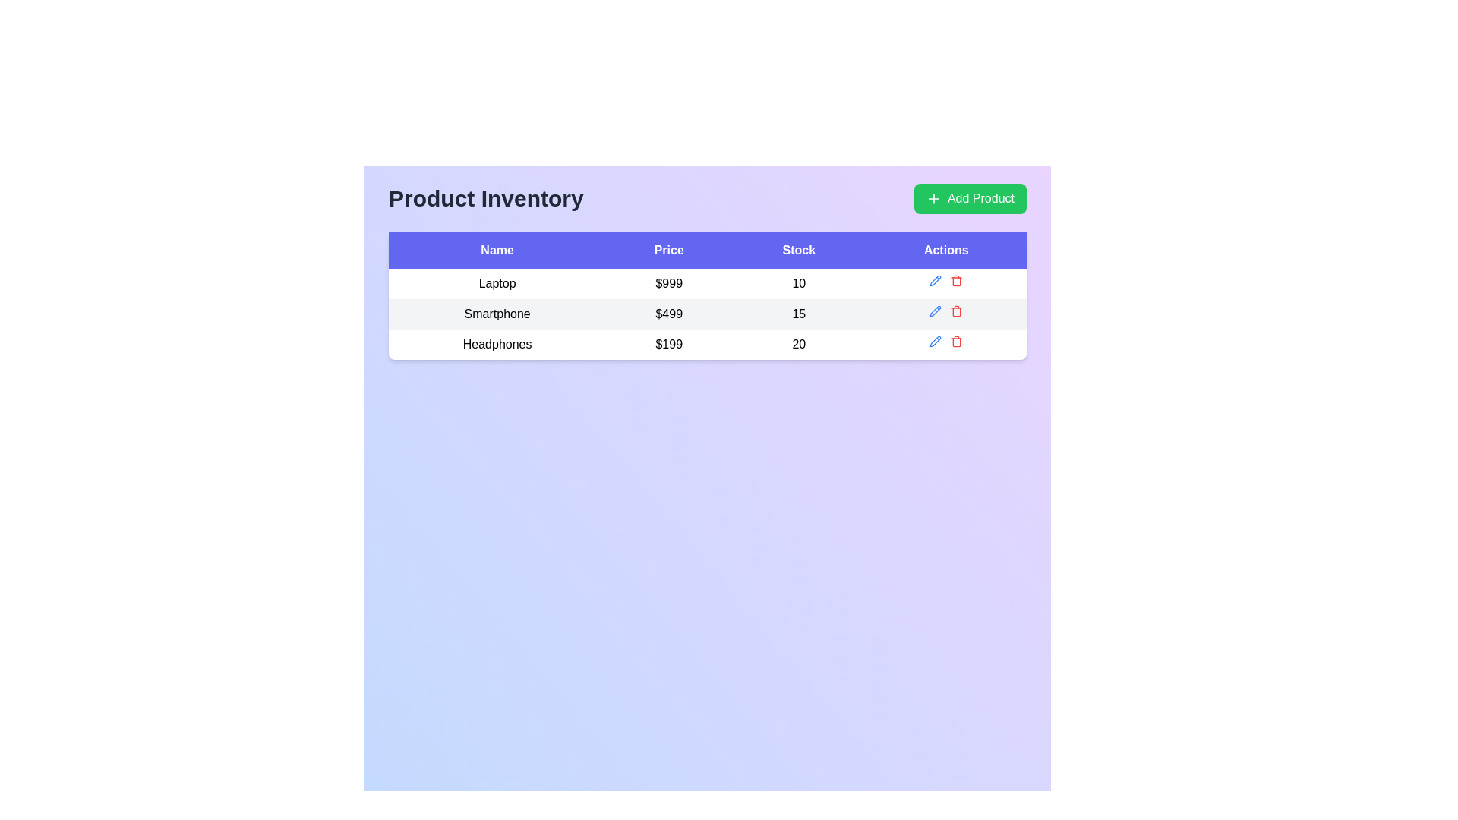 The height and width of the screenshot is (820, 1458). What do you see at coordinates (668, 345) in the screenshot?
I see `the Text label displaying the value '$199' in black text, located in the 'Price' column of the table under the row labeled 'Headphones'` at bounding box center [668, 345].